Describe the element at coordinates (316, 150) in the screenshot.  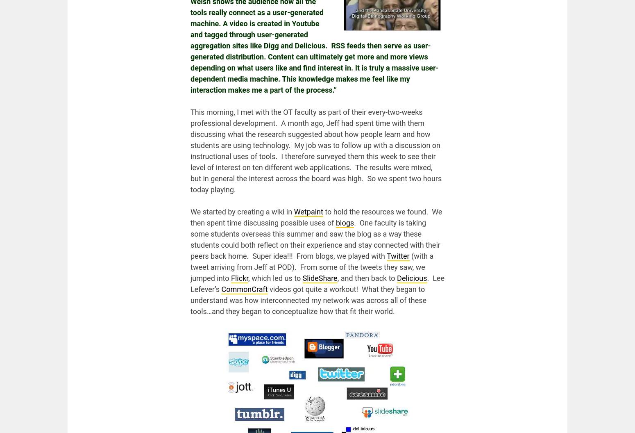
I see `'This morning, I met with the OT faculty as part of their every-two-weeks professional development.  A month ago, Jeff had spent time with them discussing what the research suggested about how people learn and how students are using technology.  My job was to follow up with a discussion on instructional uses of tools.  I therefore surveyed them this week to see their level of interest on ten different web applications.  The results were mixed, but in general the interest across the board was high.  So we spent two hours today playing.'` at that location.